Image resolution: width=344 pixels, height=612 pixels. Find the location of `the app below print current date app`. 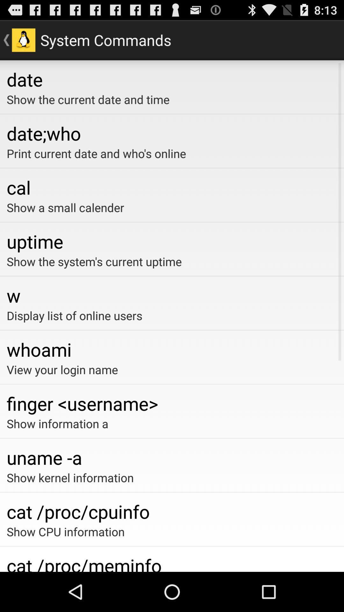

the app below print current date app is located at coordinates (172, 187).